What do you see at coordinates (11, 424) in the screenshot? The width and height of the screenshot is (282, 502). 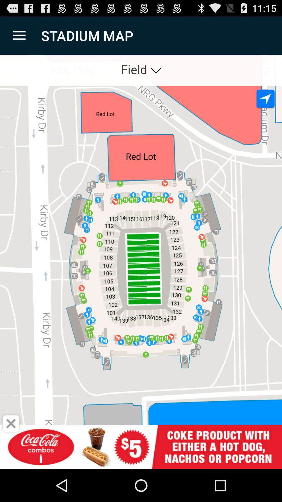 I see `close` at bounding box center [11, 424].